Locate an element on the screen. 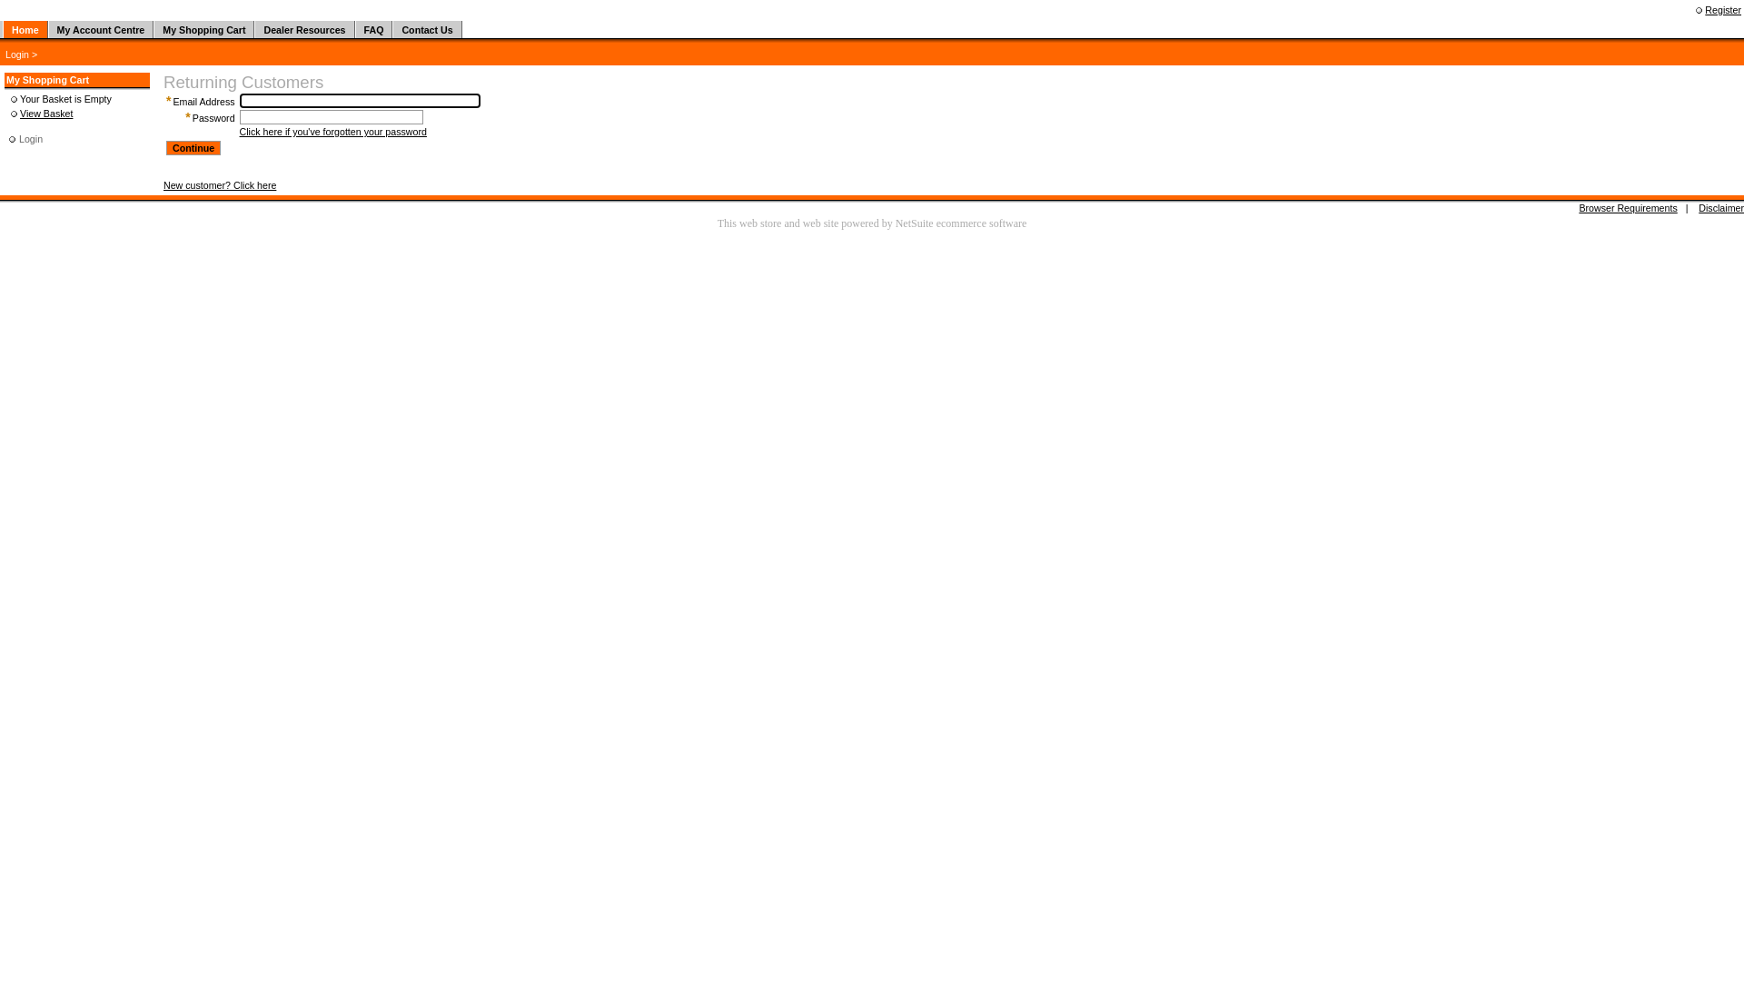 The image size is (1744, 981). 'My Shopping Cart' is located at coordinates (5, 79).